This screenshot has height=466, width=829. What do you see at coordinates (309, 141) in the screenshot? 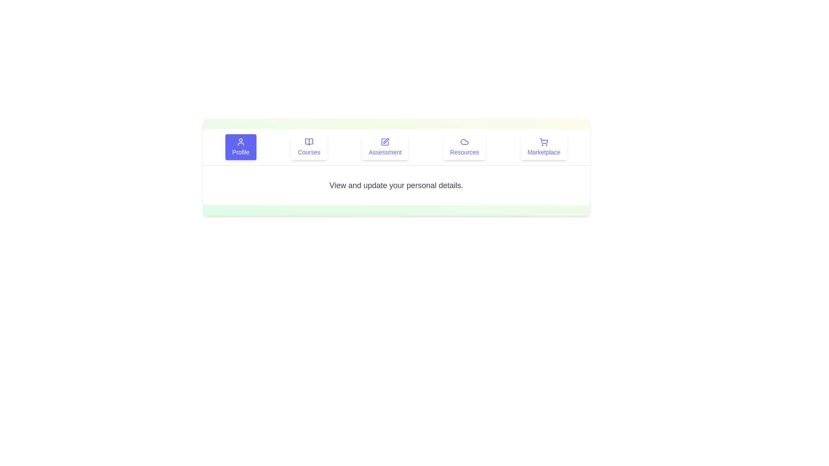
I see `the 'Courses' icon in the horizontal menu bar, which is the second option from the left` at bounding box center [309, 141].